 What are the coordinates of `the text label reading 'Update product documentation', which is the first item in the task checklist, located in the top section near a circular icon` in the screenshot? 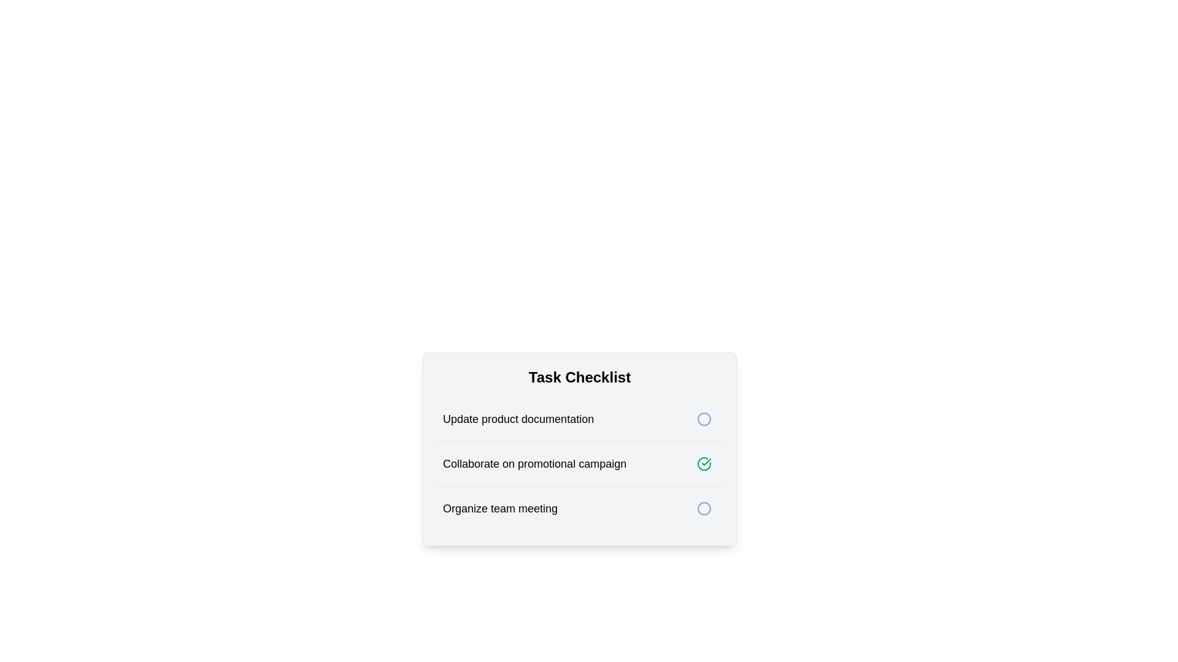 It's located at (518, 418).